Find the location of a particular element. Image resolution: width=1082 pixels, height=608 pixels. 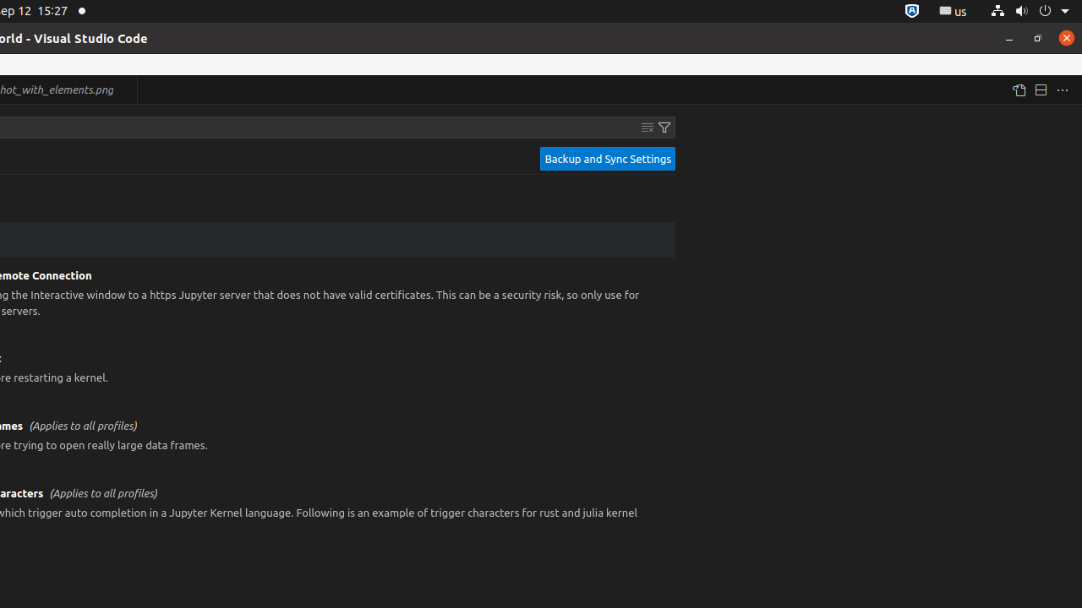

'More Actions...' is located at coordinates (1061, 90).